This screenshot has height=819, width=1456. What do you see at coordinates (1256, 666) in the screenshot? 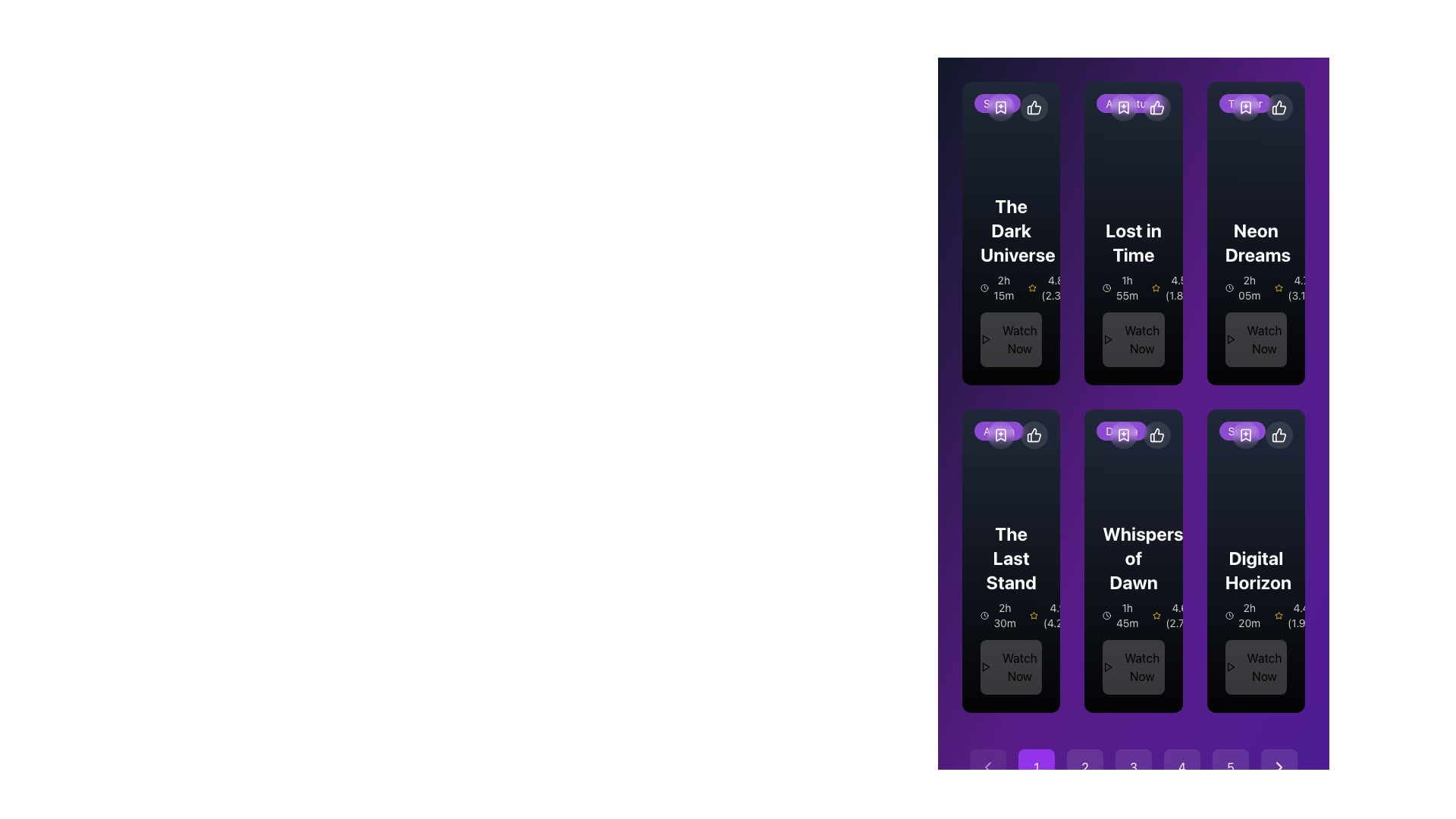
I see `the 'Watch Now' button, which is a rounded button with a dark background and white text, positioned at the bottom-center of the 'Digital Horizon' movie section` at bounding box center [1256, 666].